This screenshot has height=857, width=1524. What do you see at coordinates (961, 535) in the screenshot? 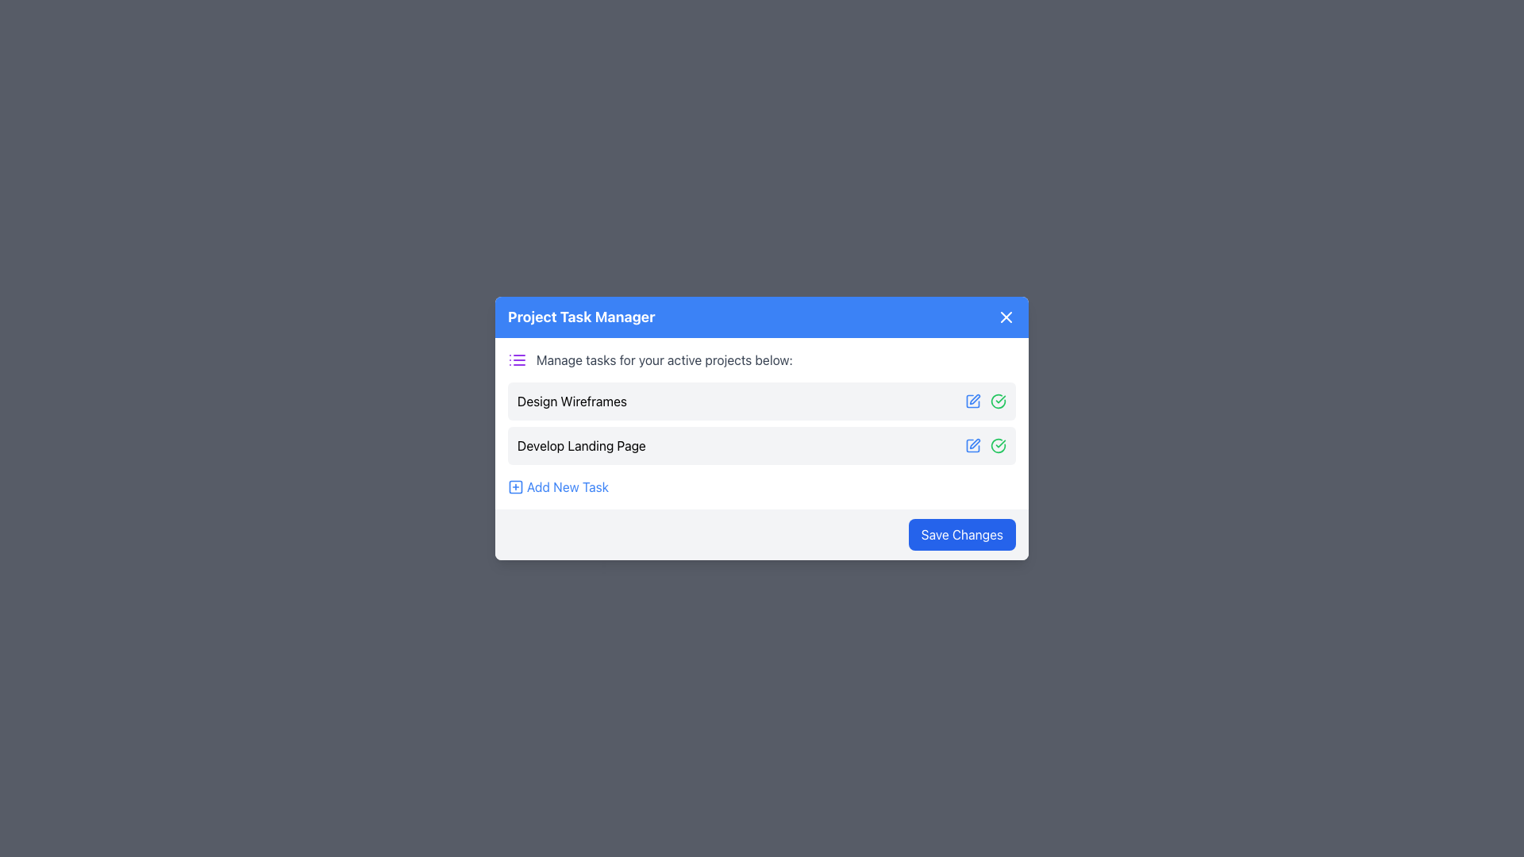
I see `the 'Save Changes' button with a blue background and white text in the bottom-right corner of the dialog box to observe the style changes` at bounding box center [961, 535].